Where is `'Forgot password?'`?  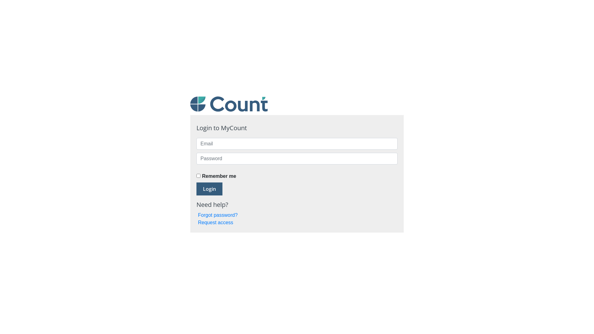
'Forgot password?' is located at coordinates (218, 215).